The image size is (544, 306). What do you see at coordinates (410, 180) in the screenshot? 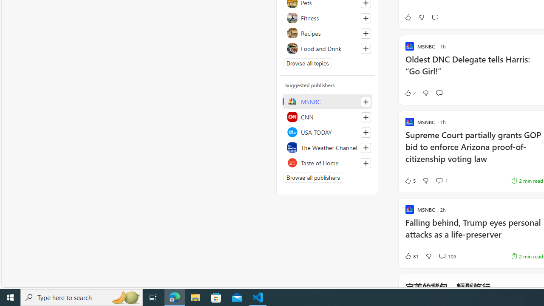
I see `'5 Like'` at bounding box center [410, 180].